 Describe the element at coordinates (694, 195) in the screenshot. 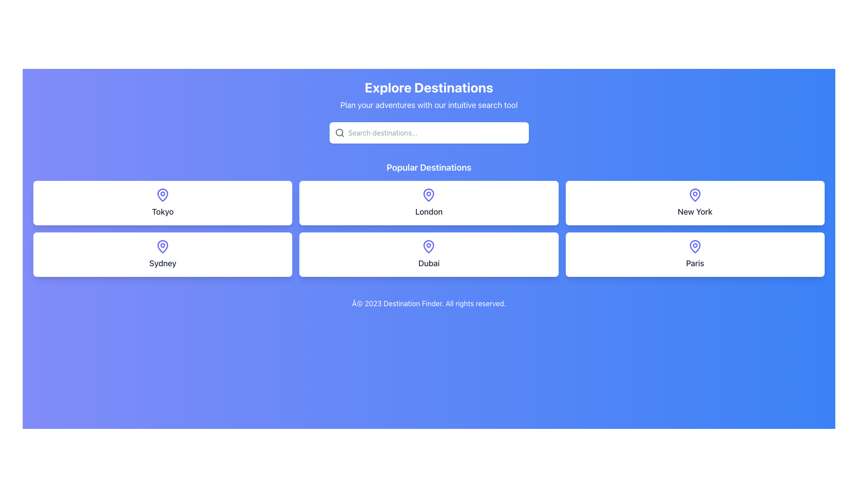

I see `the circular map pin icon with a hollow center and vibrant indigo color located at the top center of the 'New York' tile` at that location.